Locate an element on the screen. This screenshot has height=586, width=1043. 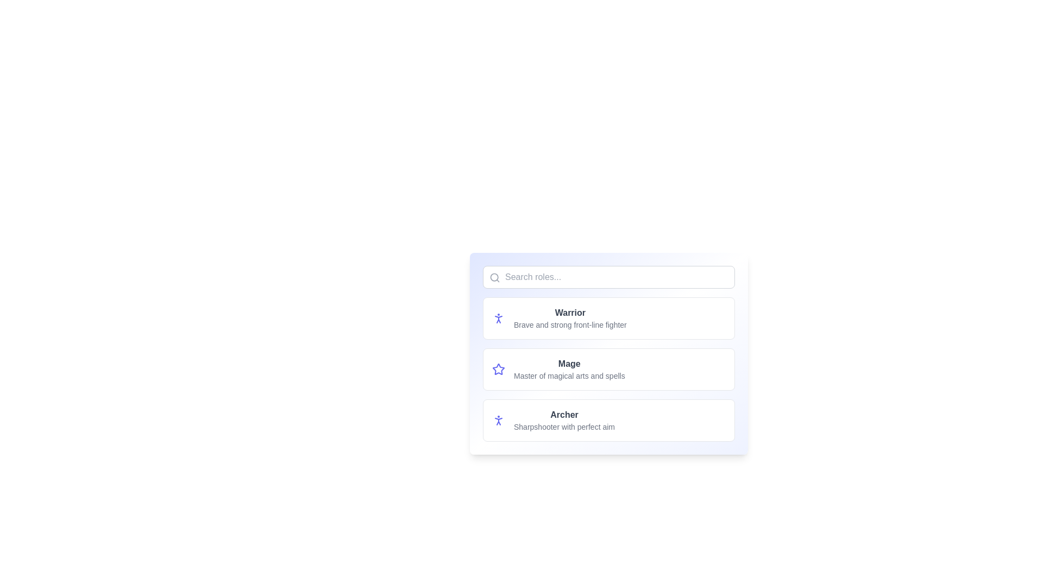
the 'Archer' text label, which is the title for the 'Archer' role in the role selection interface, located in the third entry of the vertical list is located at coordinates (564, 415).